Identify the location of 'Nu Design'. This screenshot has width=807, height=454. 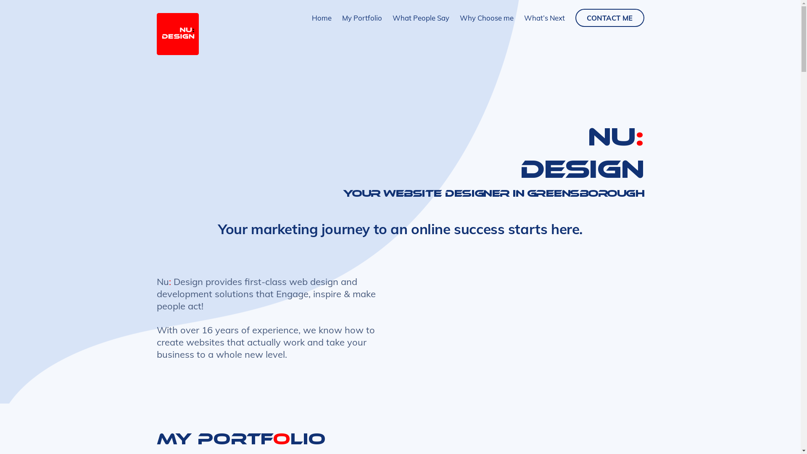
(177, 51).